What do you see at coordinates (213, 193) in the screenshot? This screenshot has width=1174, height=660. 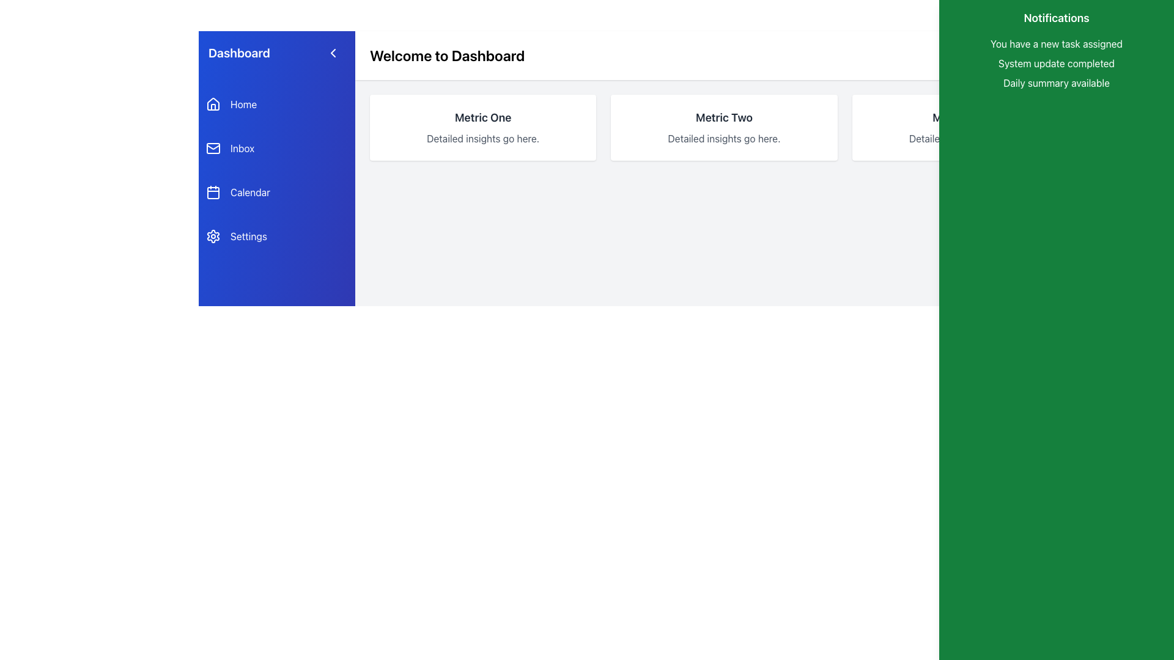 I see `the calendar icon, which is a minimalistic design with a white color on a blue background, located in the sidebar navigation menu as the second item in the 'Calendar' button` at bounding box center [213, 193].